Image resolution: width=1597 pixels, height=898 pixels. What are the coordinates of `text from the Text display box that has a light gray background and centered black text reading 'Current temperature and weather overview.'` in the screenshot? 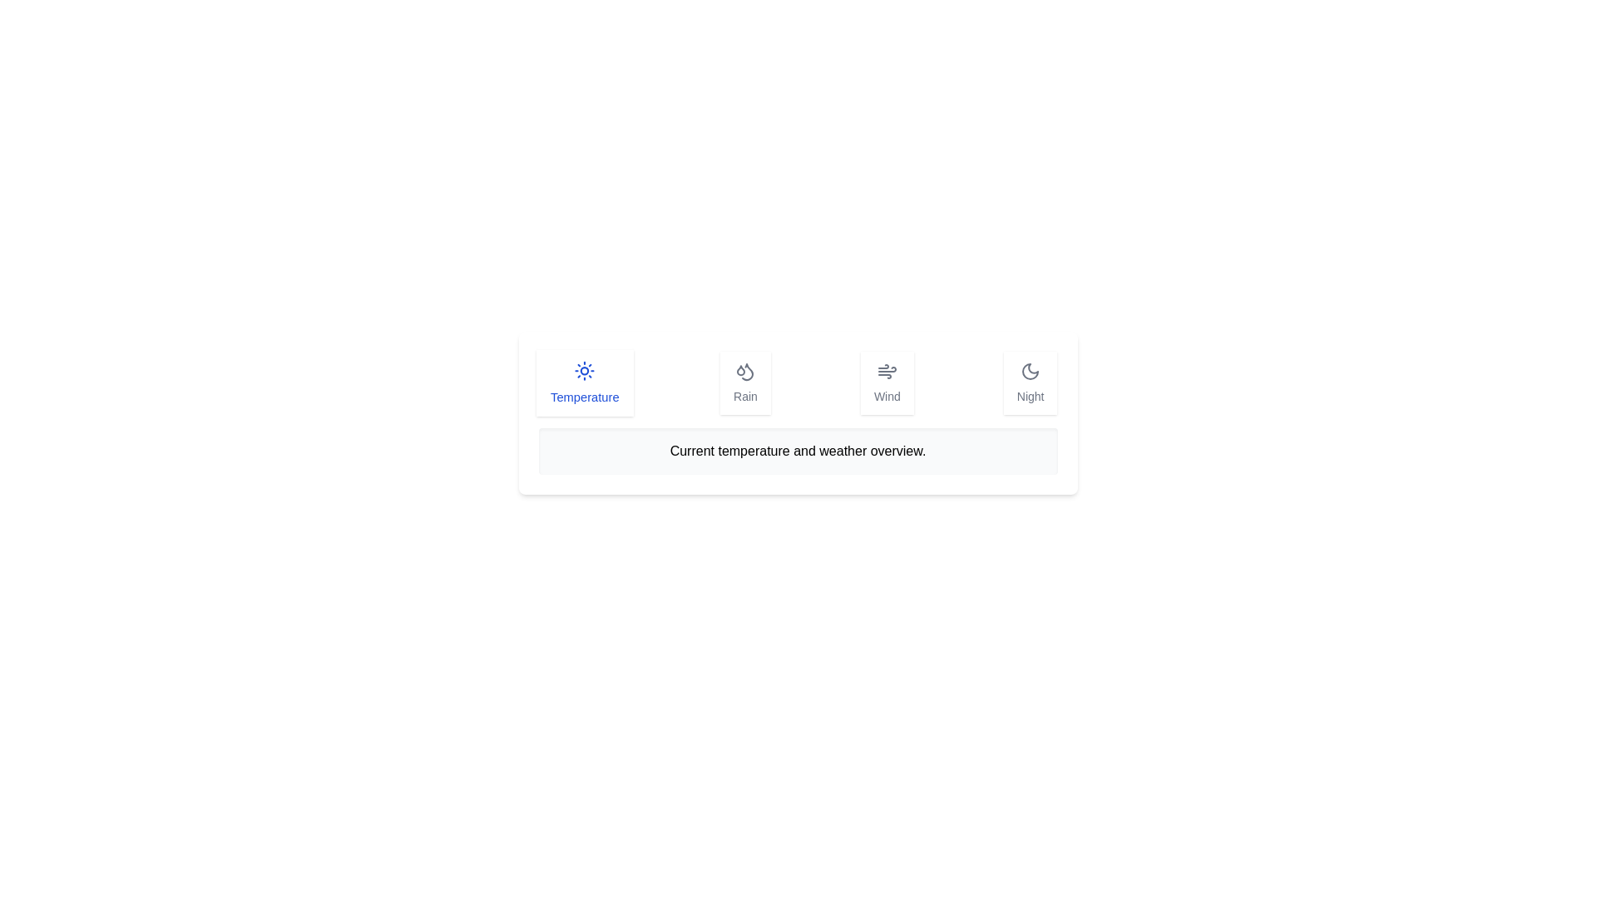 It's located at (797, 451).